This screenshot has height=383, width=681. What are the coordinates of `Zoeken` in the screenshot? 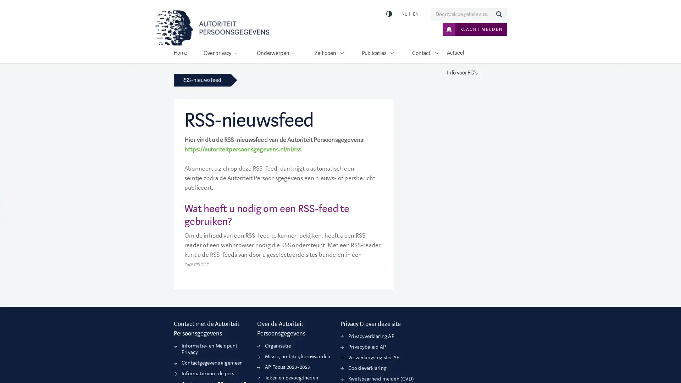 It's located at (498, 14).